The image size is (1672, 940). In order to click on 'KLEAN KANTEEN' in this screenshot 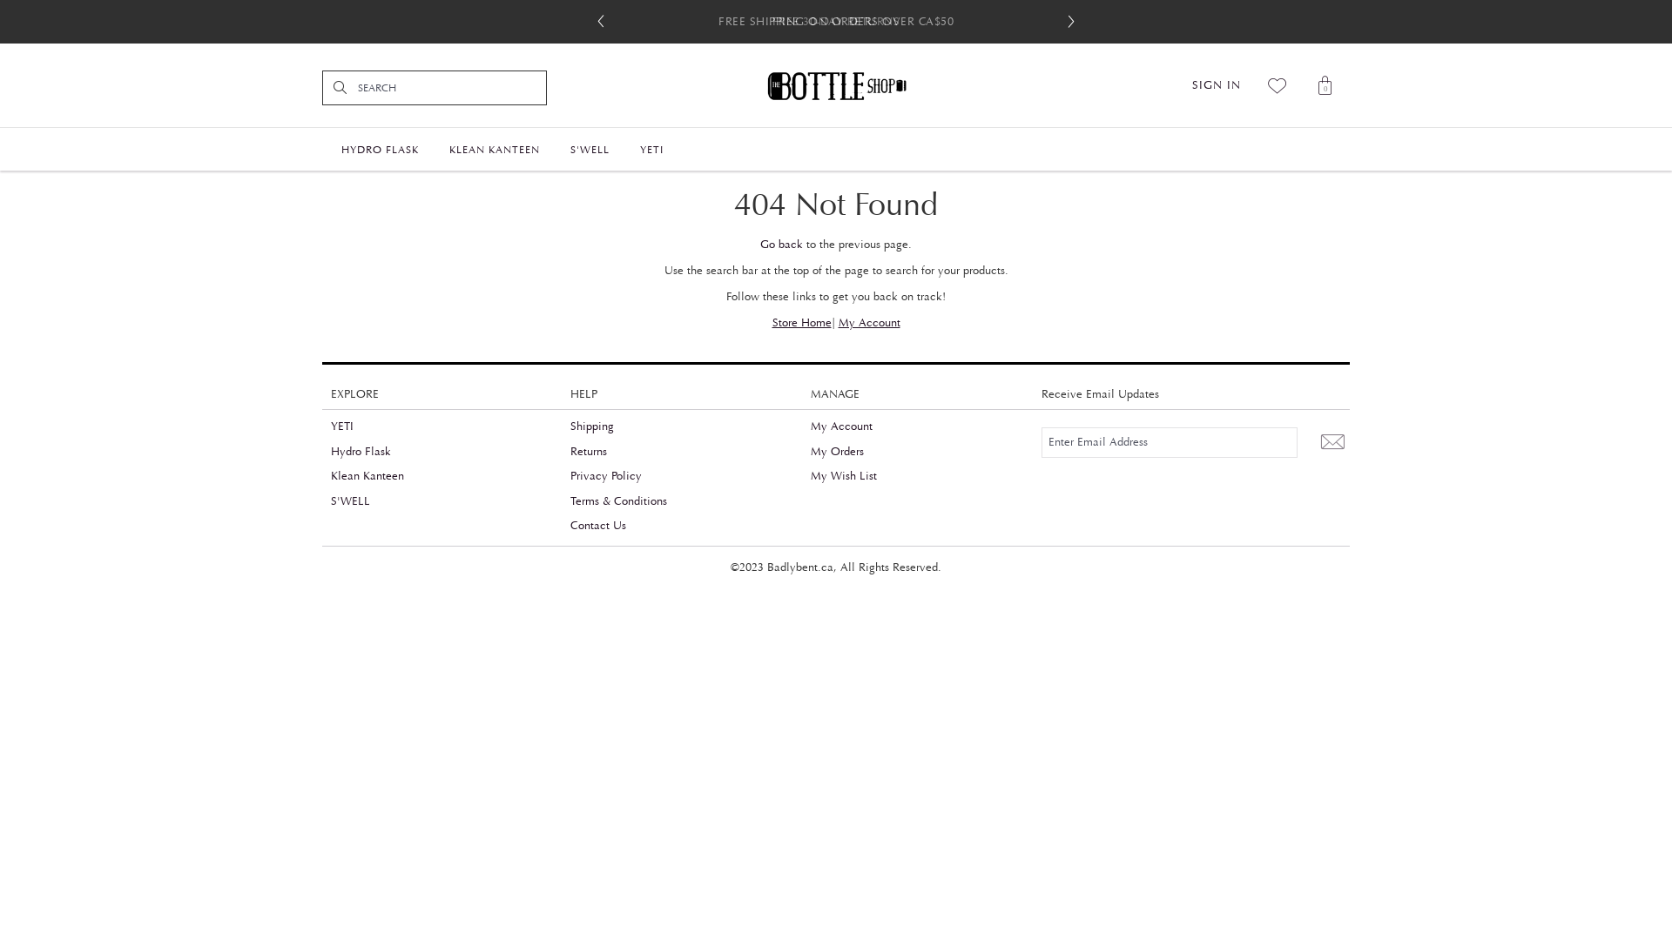, I will do `click(493, 146)`.